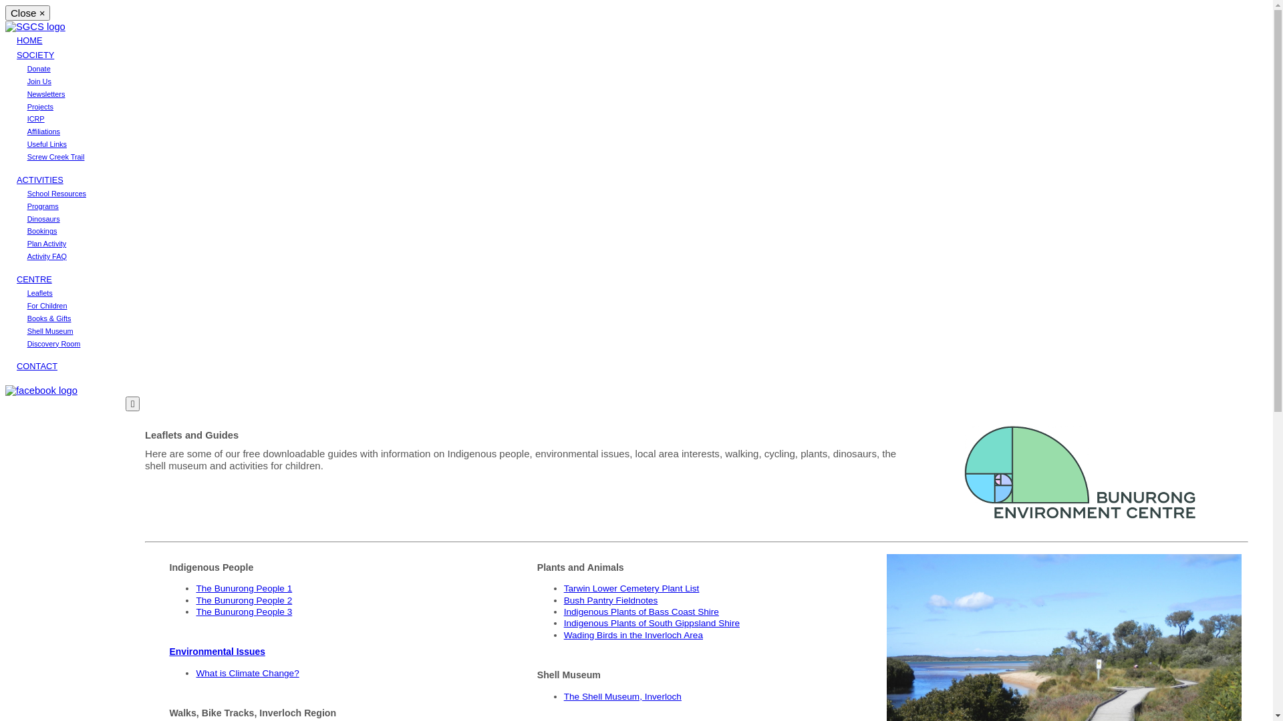 This screenshot has height=721, width=1283. Describe the element at coordinates (631, 587) in the screenshot. I see `'Tarwin Lower Cemetery Plant List'` at that location.